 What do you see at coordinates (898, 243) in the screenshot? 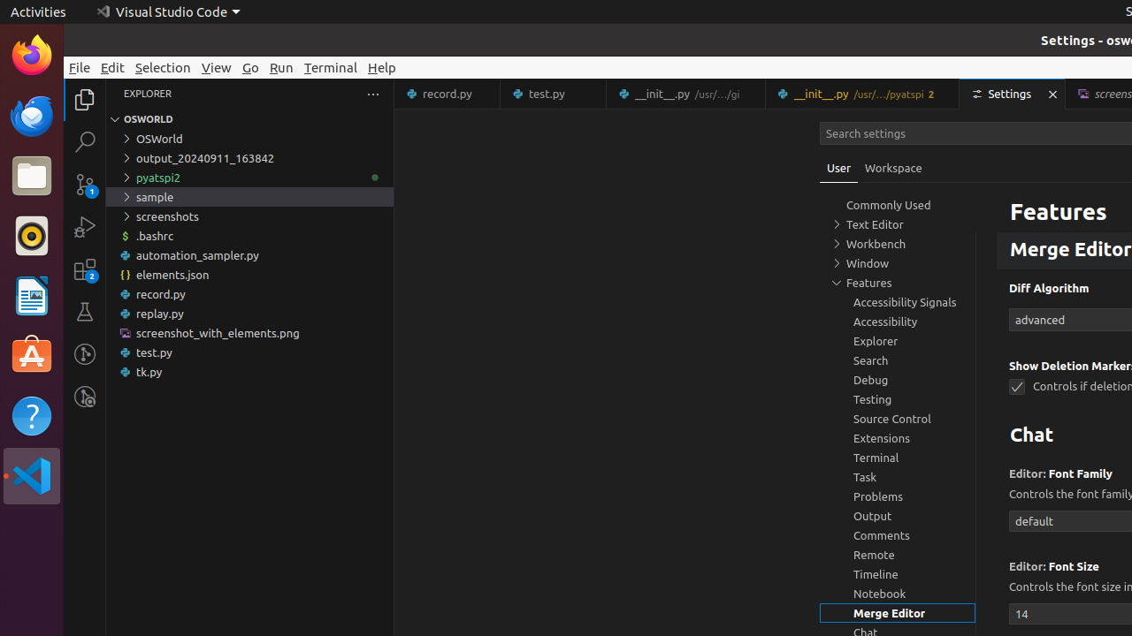
I see `'Workbench, group'` at bounding box center [898, 243].